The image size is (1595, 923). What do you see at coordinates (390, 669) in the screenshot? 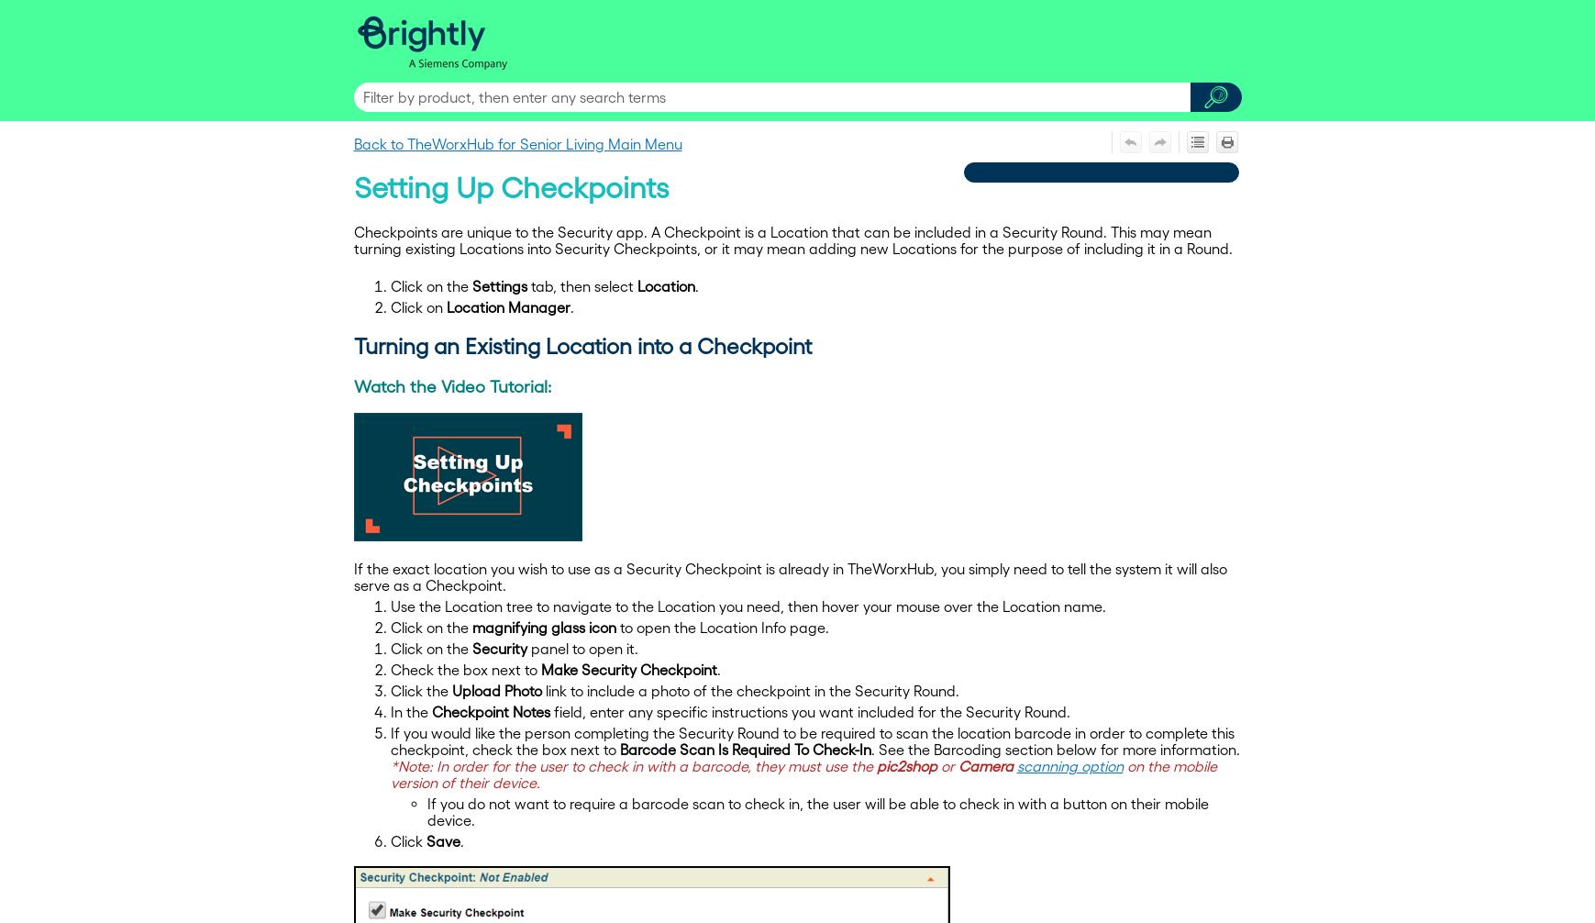
I see `'Check the box next to'` at bounding box center [390, 669].